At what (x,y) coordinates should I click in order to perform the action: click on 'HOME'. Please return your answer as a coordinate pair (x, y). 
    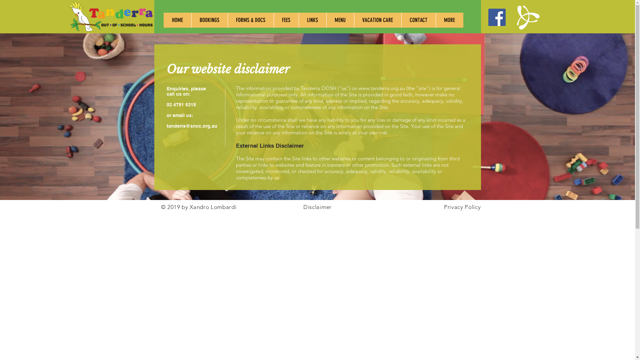
    Looking at the image, I should click on (177, 20).